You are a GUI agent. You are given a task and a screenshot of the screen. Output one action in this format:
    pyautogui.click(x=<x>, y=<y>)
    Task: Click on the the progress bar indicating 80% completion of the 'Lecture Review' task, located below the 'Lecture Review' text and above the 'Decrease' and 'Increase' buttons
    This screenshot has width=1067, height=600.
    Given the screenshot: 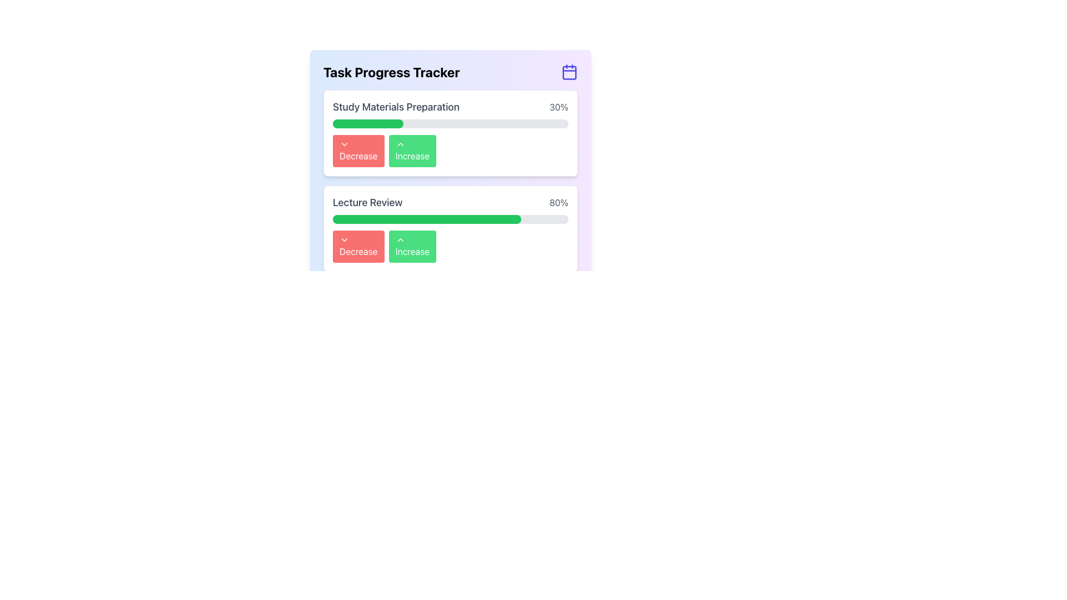 What is the action you would take?
    pyautogui.click(x=451, y=219)
    